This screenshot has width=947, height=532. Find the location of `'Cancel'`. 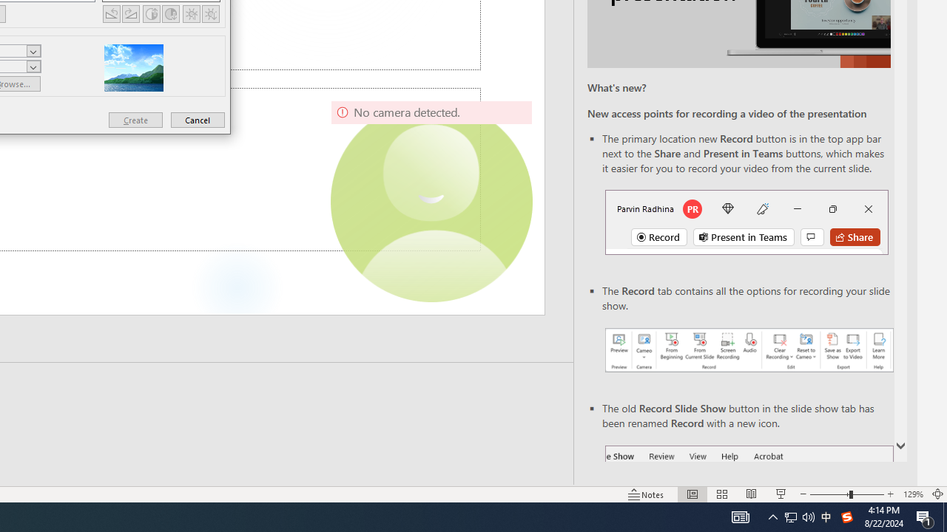

'Cancel' is located at coordinates (197, 119).